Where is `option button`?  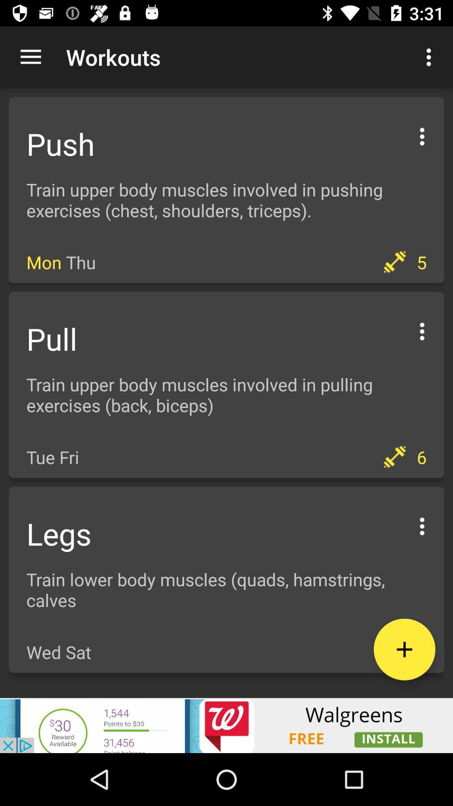 option button is located at coordinates (422, 330).